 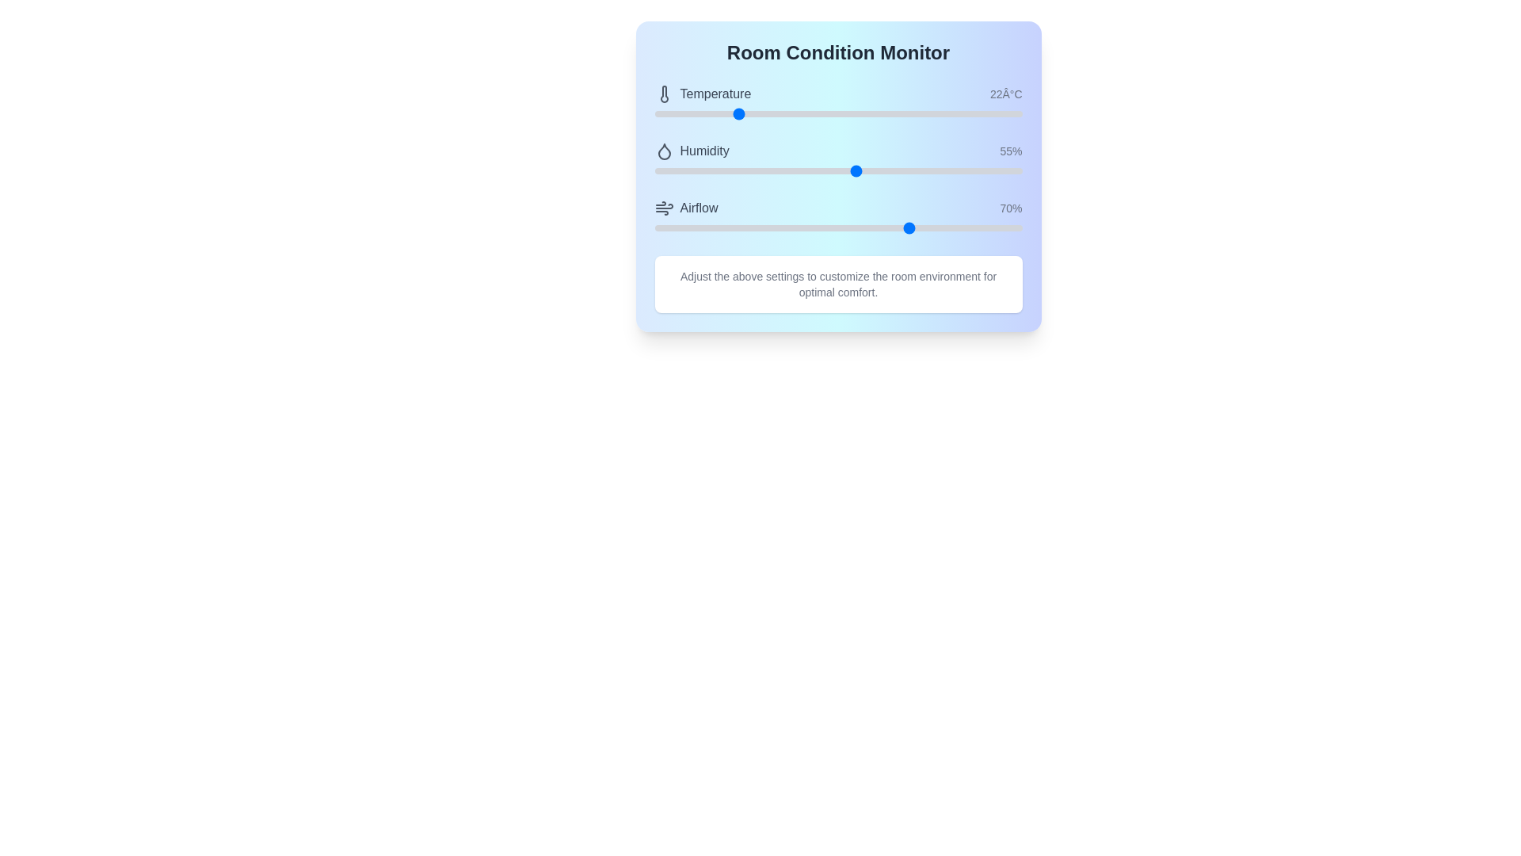 I want to click on the droplet-like icon with a hollow outline and dark gray color, which is the second icon in the vertical list of the settings panel, located to the left of the 'Humidity' label, so click(x=664, y=151).